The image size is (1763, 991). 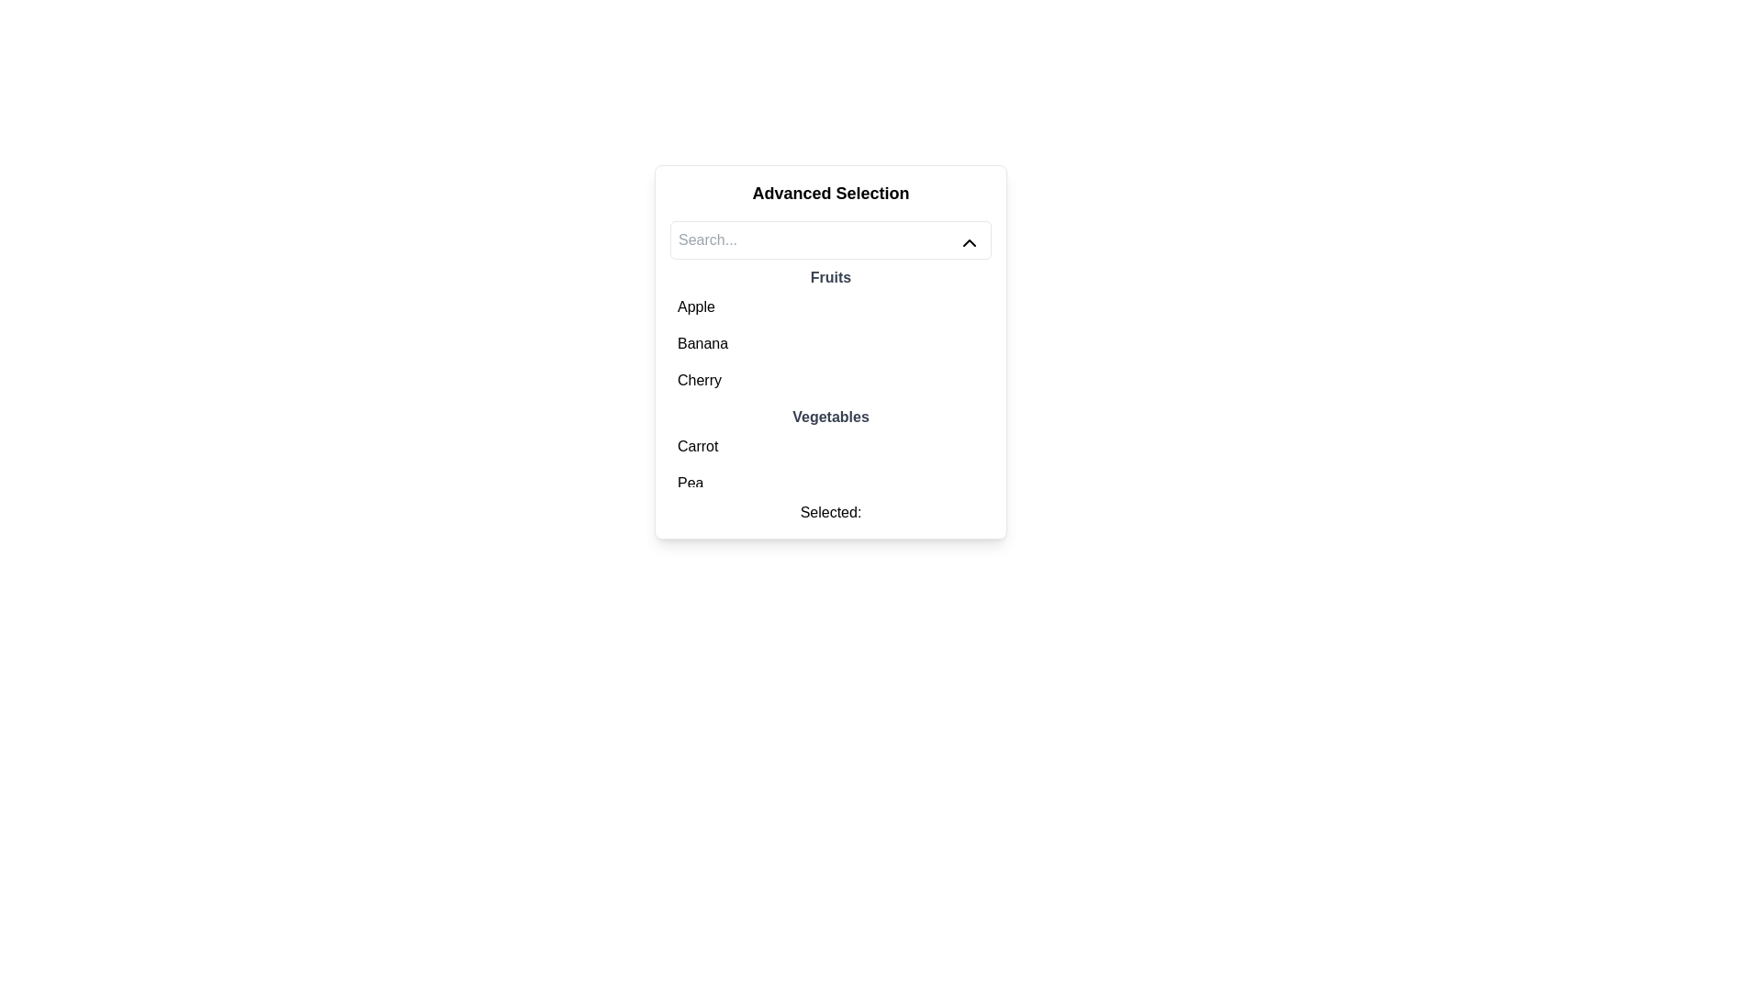 What do you see at coordinates (697, 446) in the screenshot?
I see `the 'Carrot' option in the 'Advanced Selection' dropdown list located under the 'Vegetables' subsection` at bounding box center [697, 446].